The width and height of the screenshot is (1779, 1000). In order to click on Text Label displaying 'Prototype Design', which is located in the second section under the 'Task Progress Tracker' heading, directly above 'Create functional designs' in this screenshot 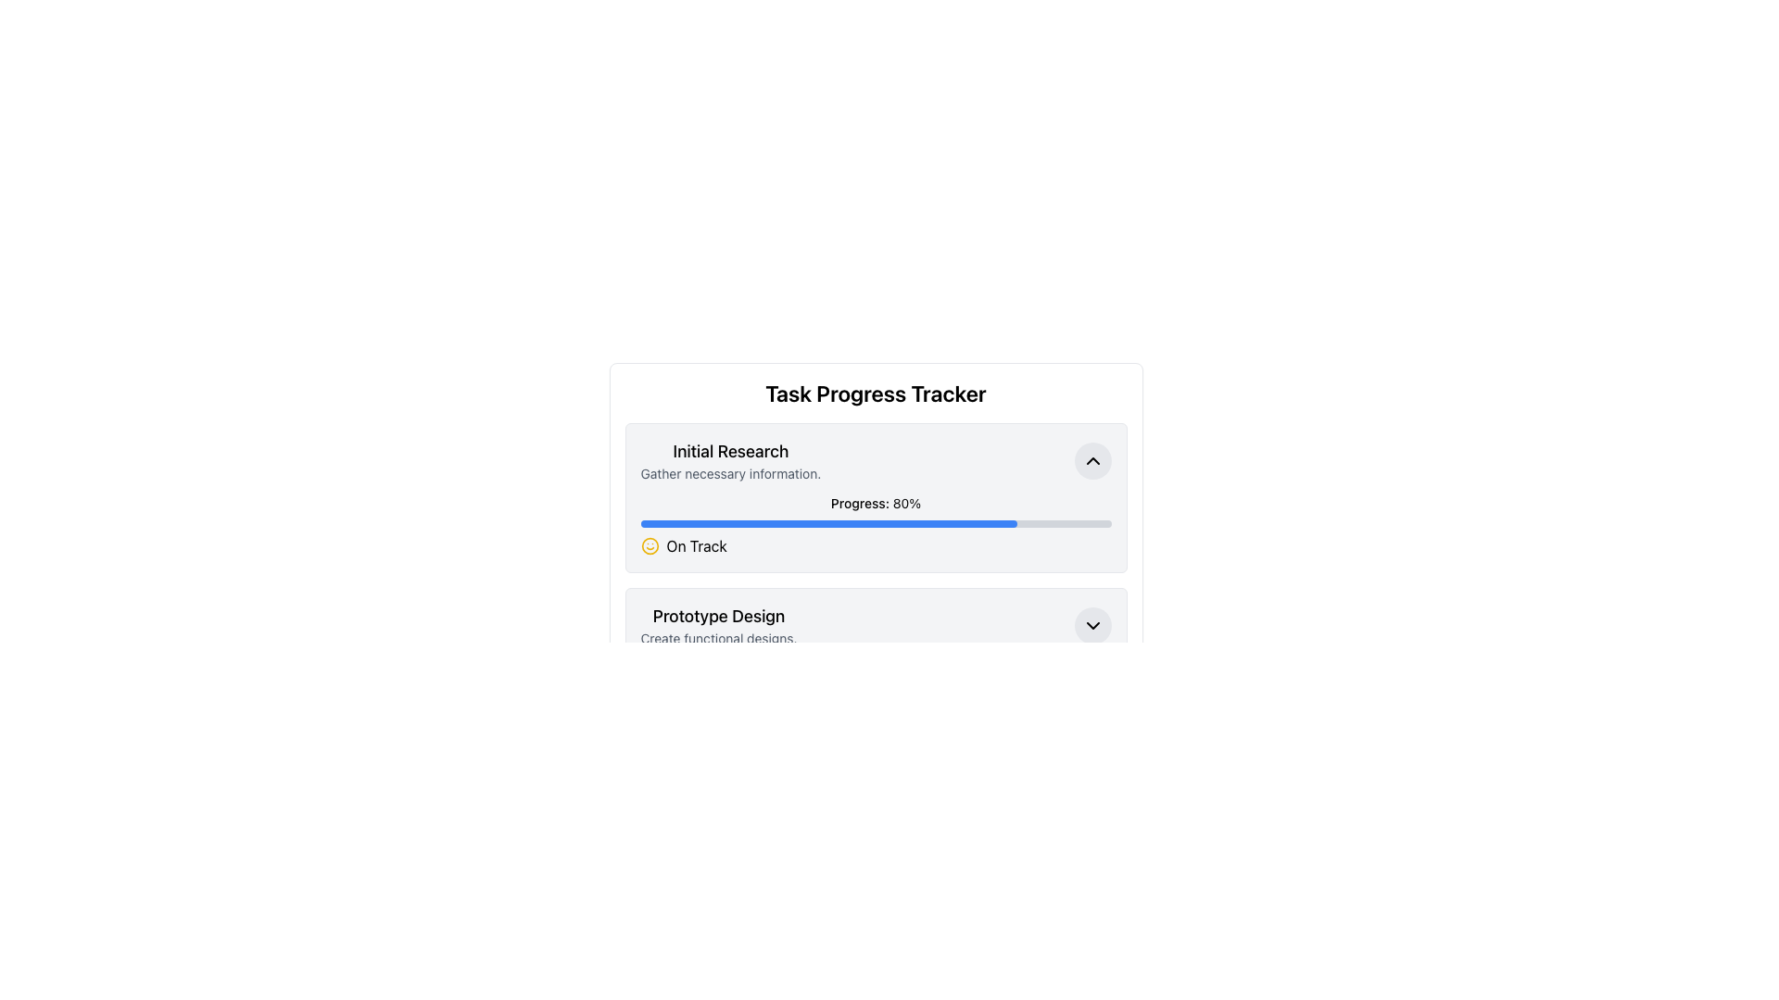, I will do `click(718, 617)`.